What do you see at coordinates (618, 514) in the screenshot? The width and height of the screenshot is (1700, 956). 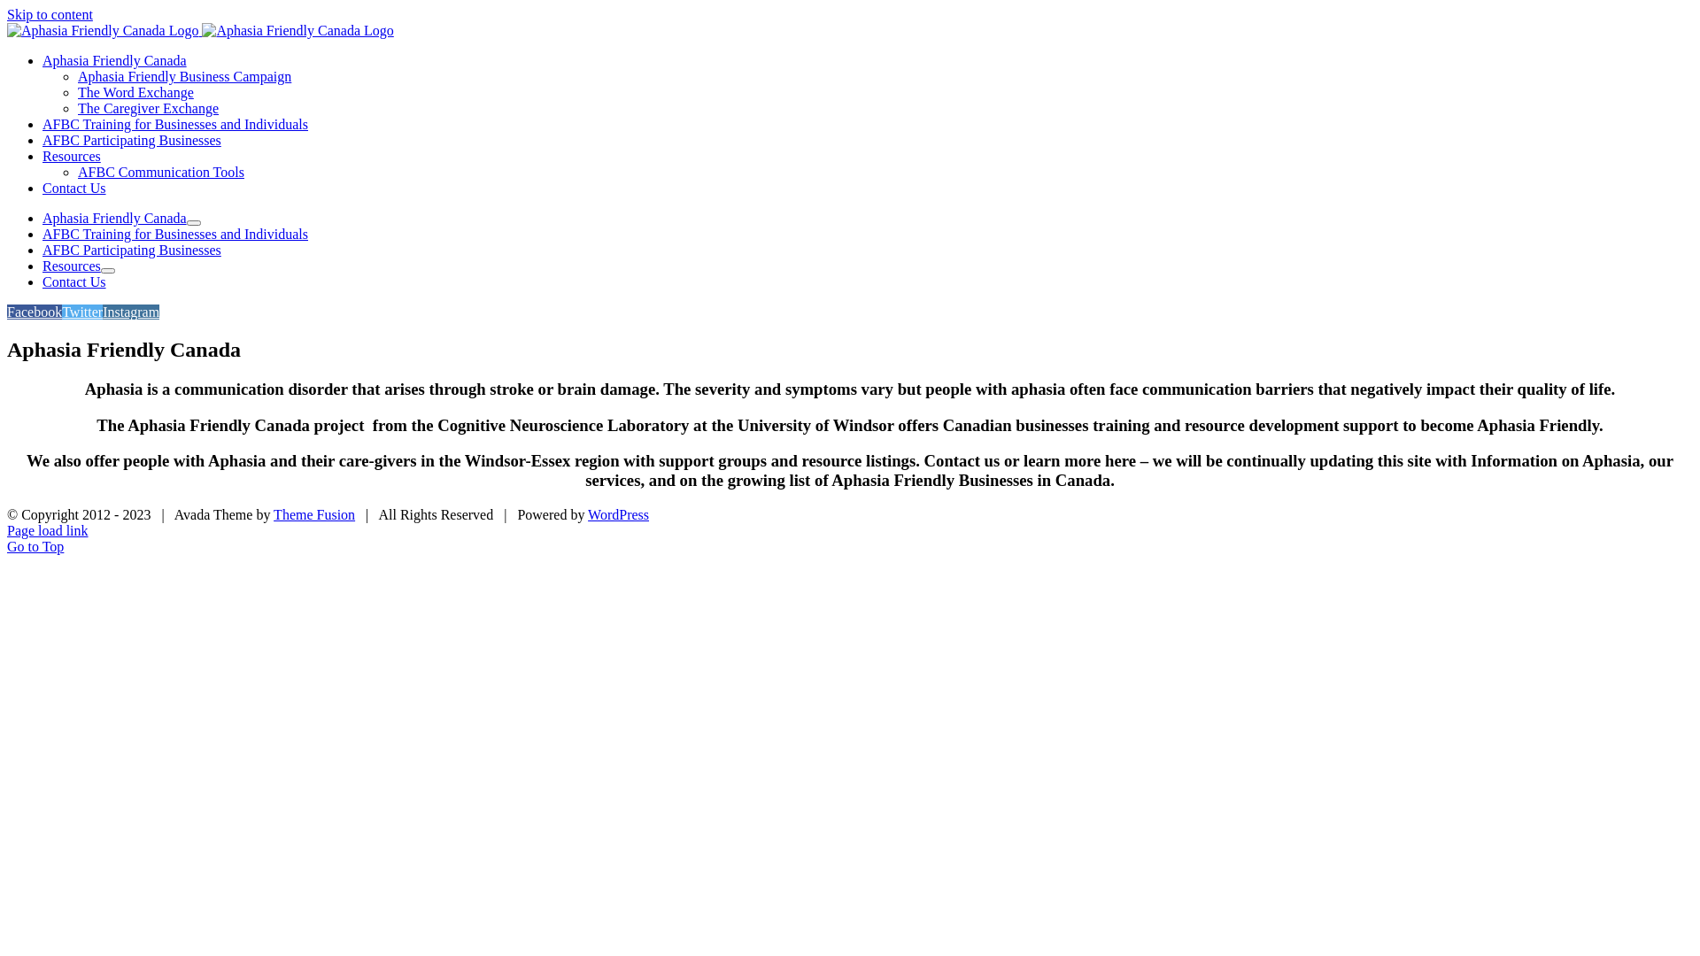 I see `'WordPress'` at bounding box center [618, 514].